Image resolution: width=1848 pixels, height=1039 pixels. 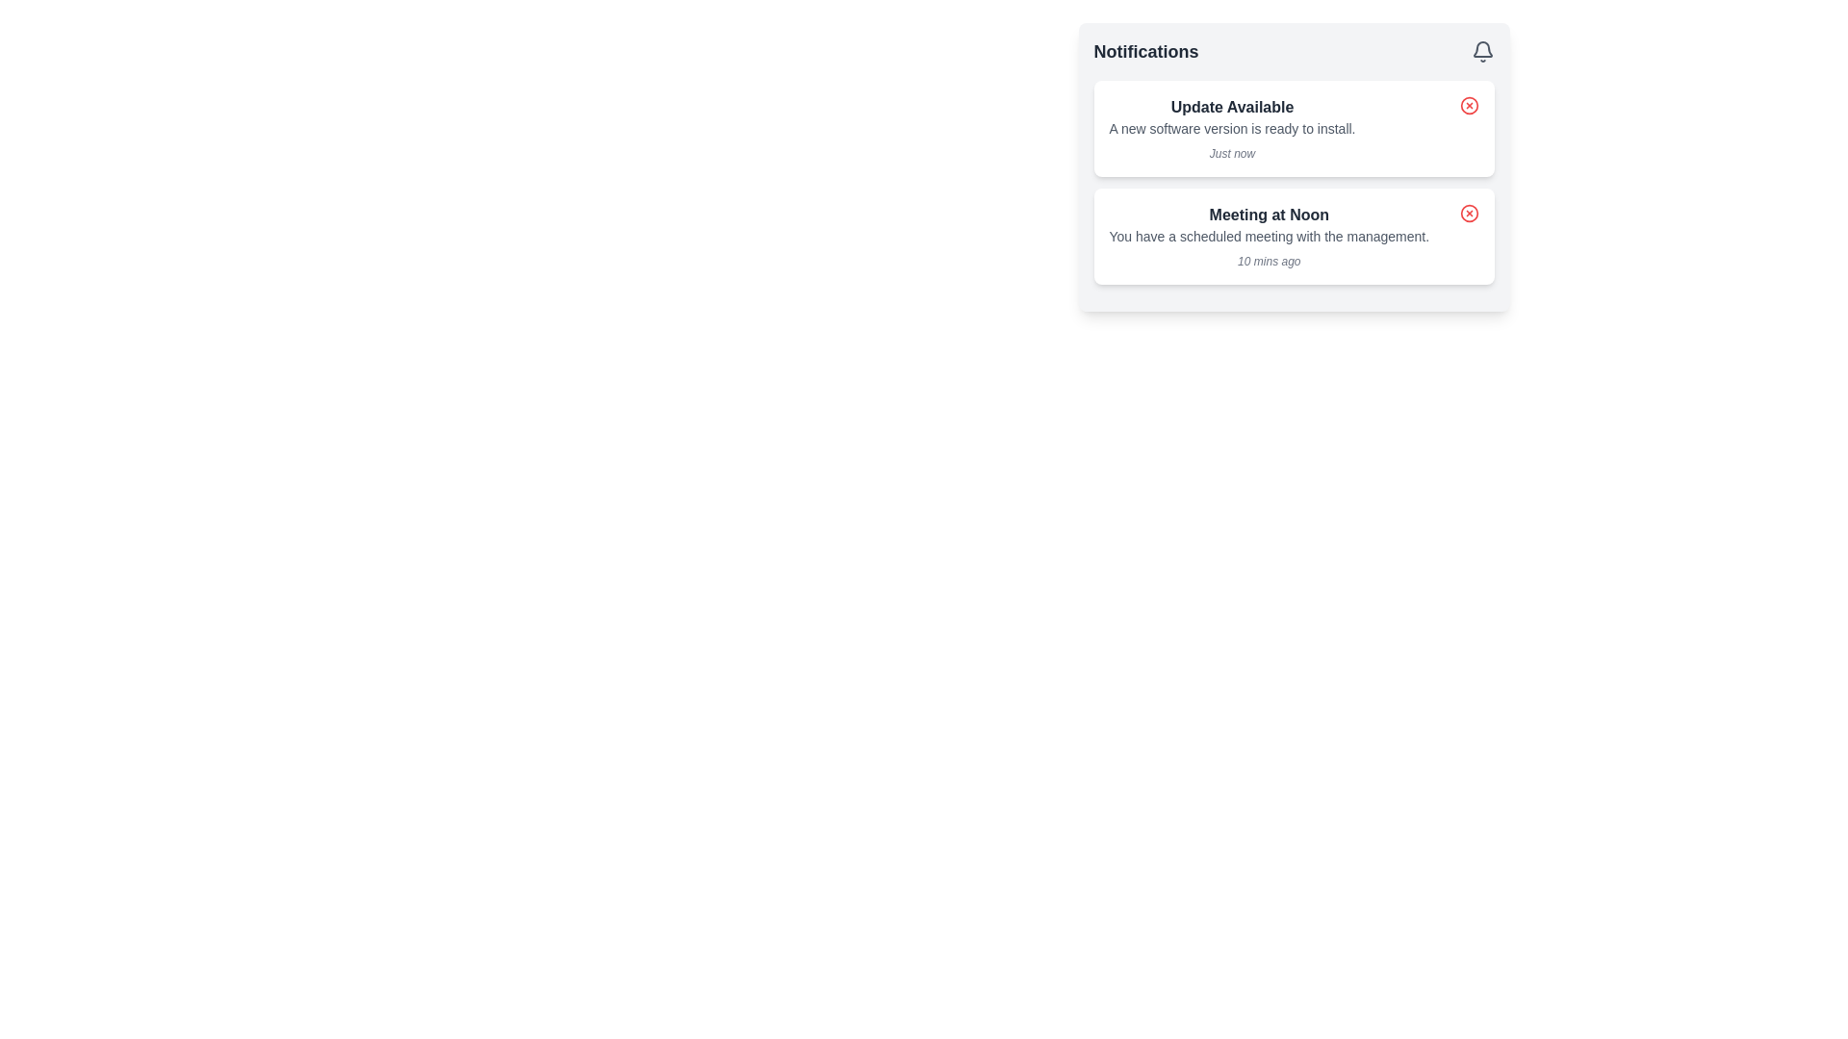 What do you see at coordinates (1232, 107) in the screenshot?
I see `the title text element at the top of the notification box` at bounding box center [1232, 107].